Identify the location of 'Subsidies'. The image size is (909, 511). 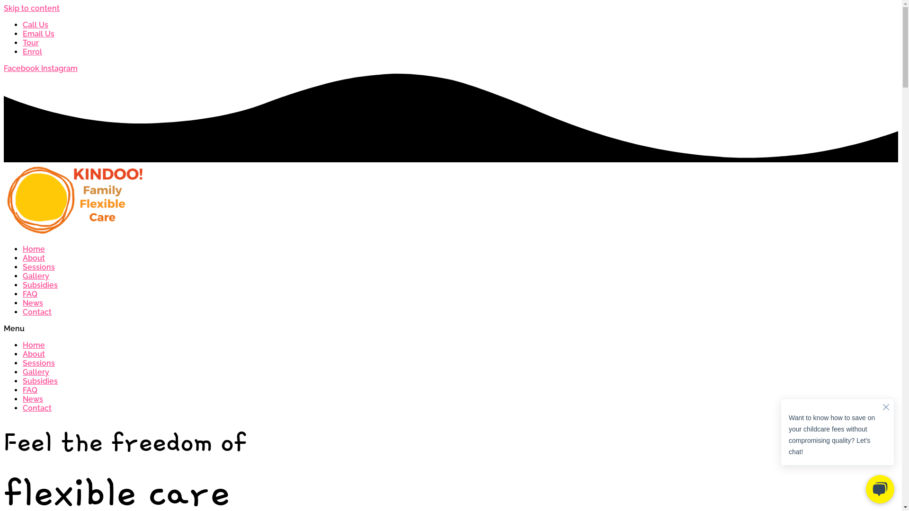
(40, 284).